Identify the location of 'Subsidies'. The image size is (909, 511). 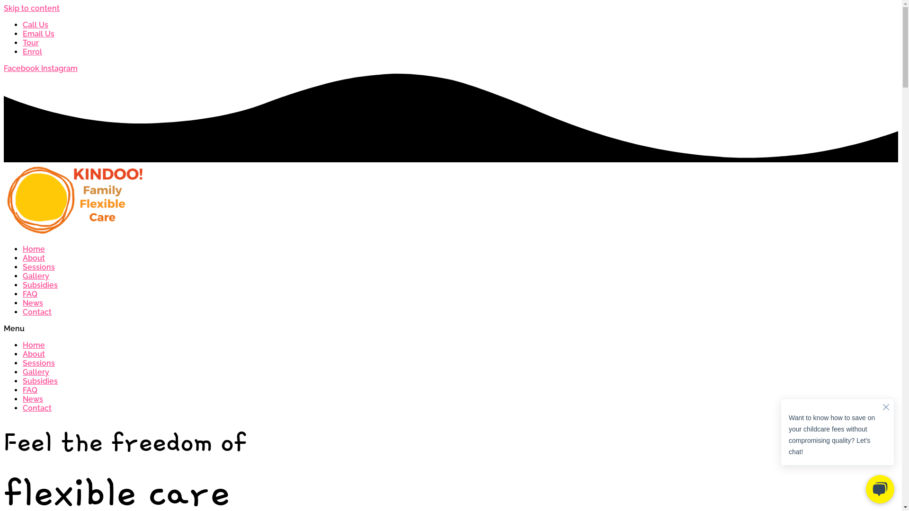
(40, 284).